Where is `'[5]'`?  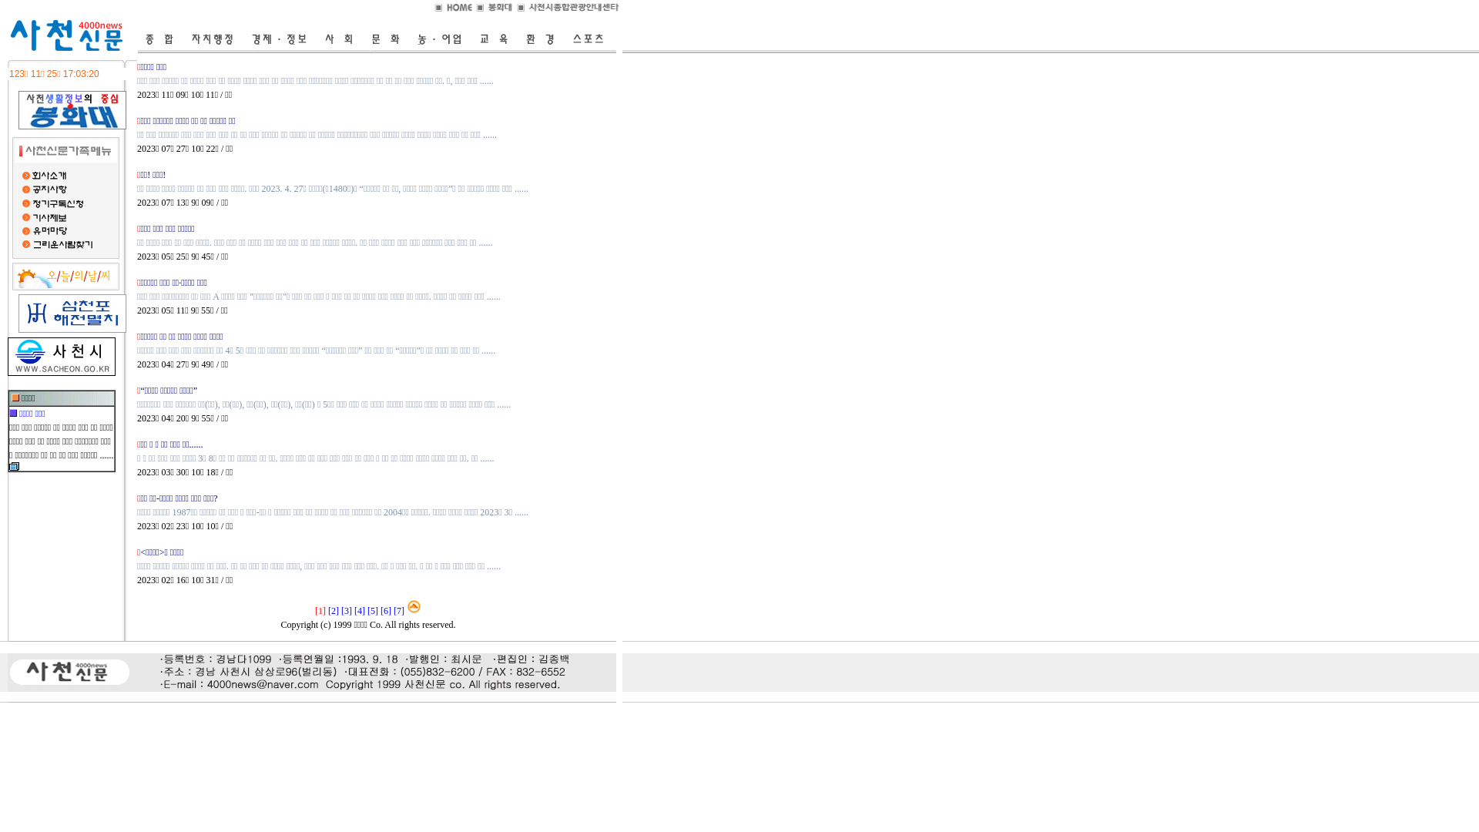 '[5]' is located at coordinates (373, 610).